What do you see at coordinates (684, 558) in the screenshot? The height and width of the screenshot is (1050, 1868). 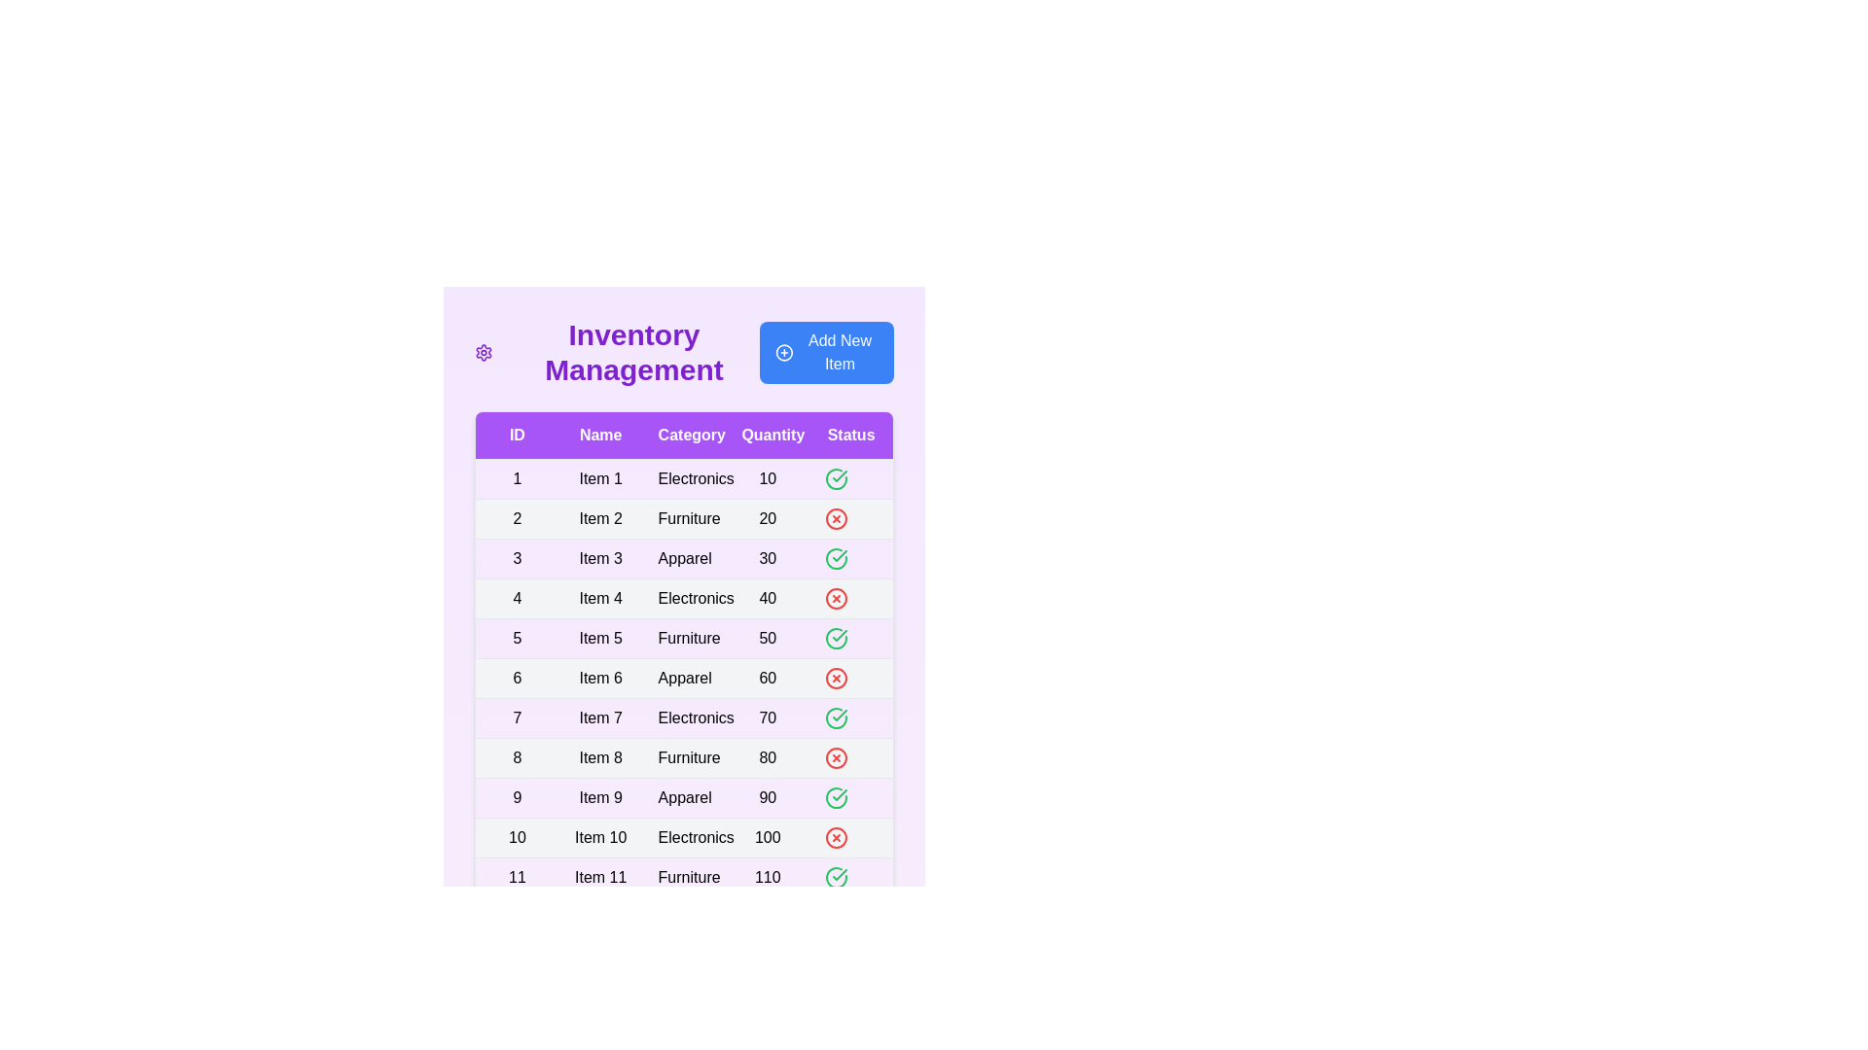 I see `the table row corresponding to 3` at bounding box center [684, 558].